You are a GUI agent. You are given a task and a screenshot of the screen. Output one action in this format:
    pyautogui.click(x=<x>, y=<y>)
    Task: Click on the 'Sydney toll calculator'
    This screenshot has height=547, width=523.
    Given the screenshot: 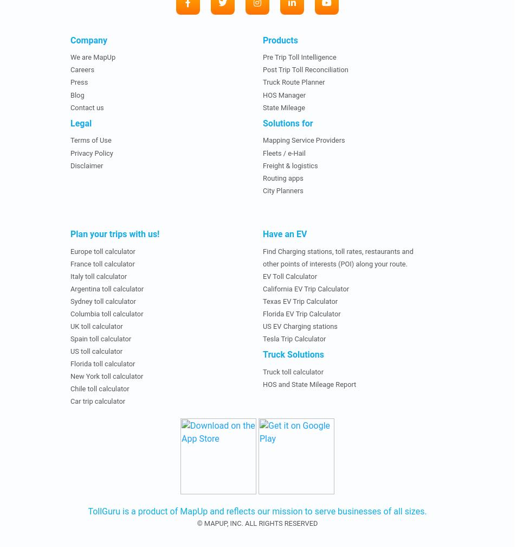 What is the action you would take?
    pyautogui.click(x=103, y=301)
    